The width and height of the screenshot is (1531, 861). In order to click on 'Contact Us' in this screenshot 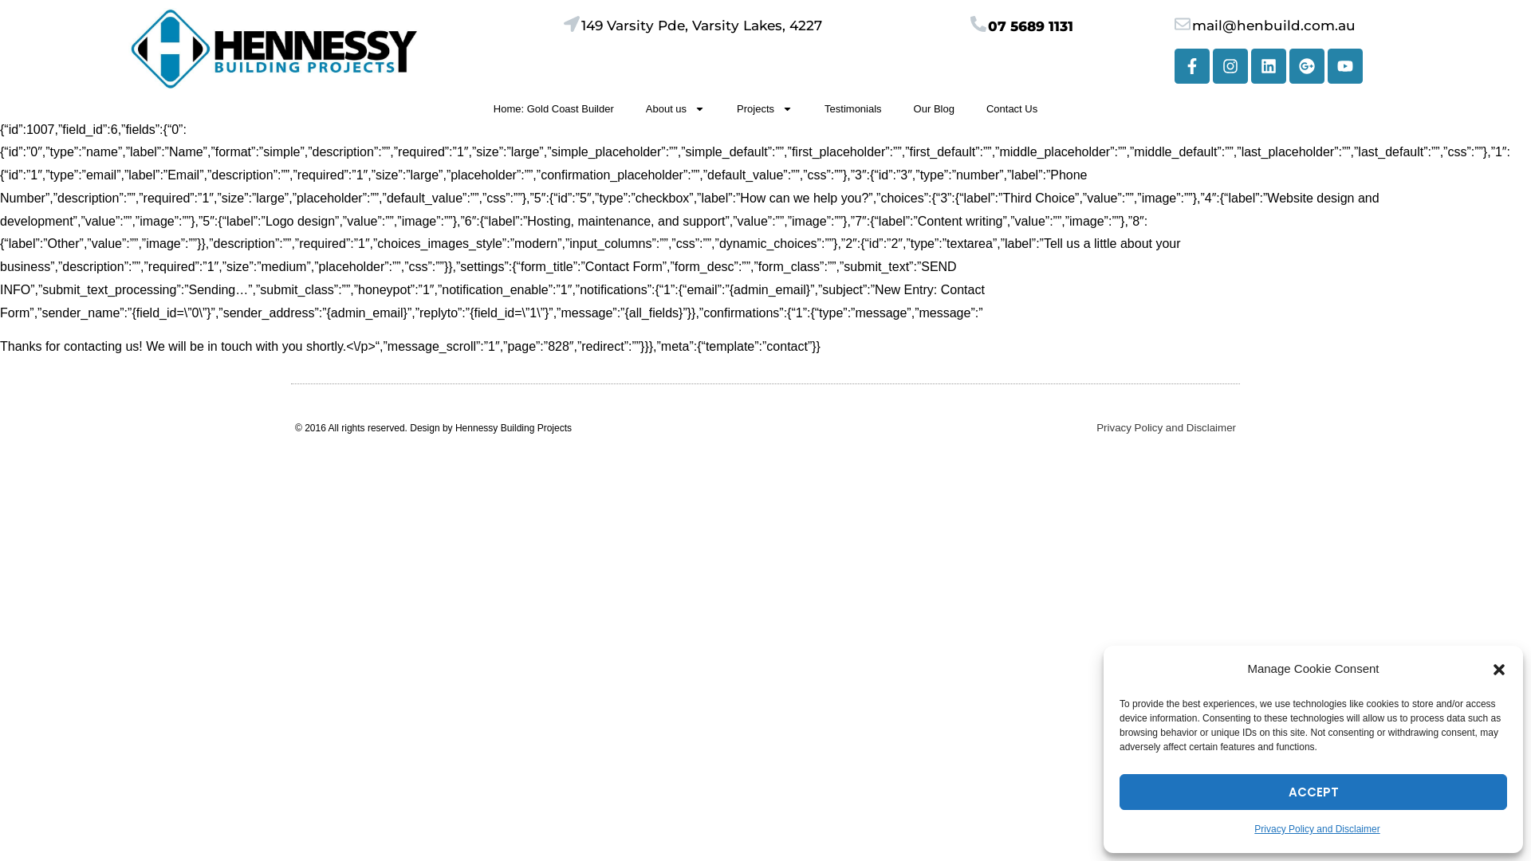, I will do `click(1010, 108)`.